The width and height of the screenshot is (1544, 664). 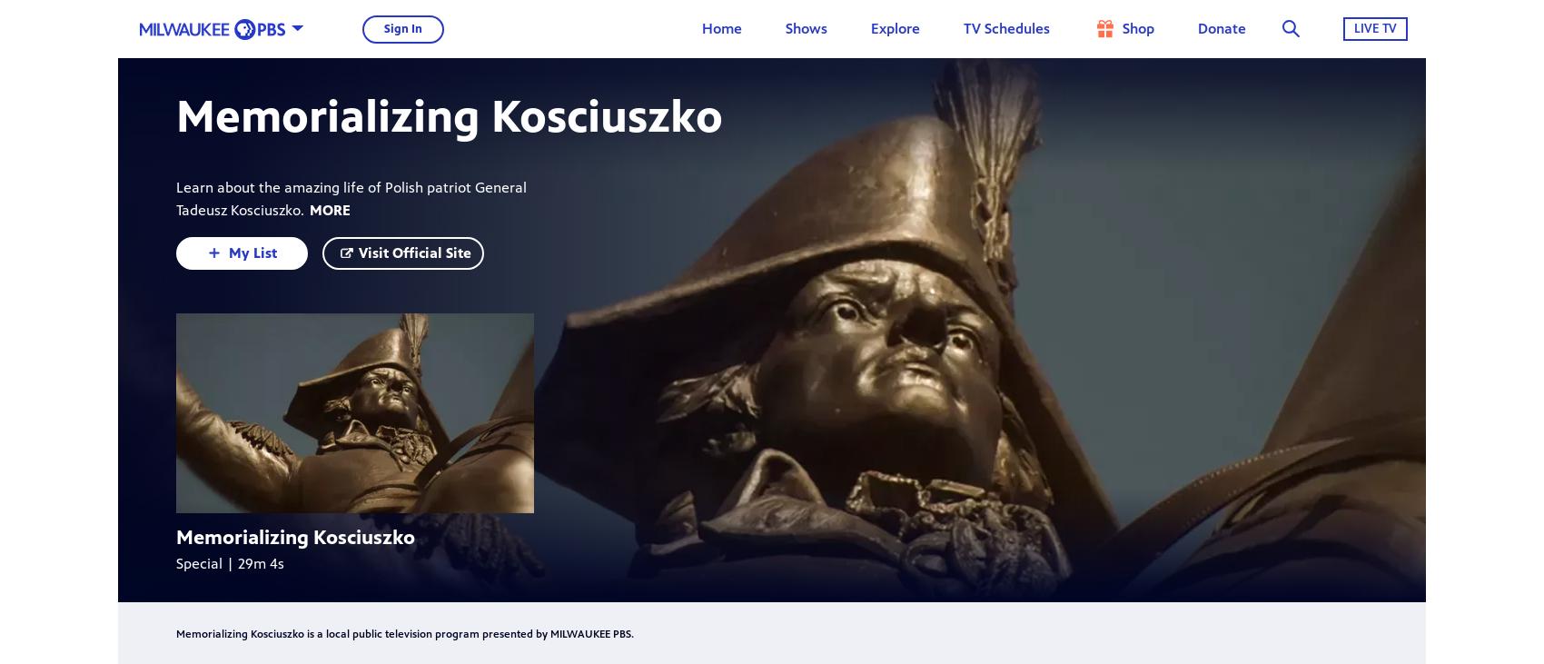 I want to click on 'Home', so click(x=720, y=27).